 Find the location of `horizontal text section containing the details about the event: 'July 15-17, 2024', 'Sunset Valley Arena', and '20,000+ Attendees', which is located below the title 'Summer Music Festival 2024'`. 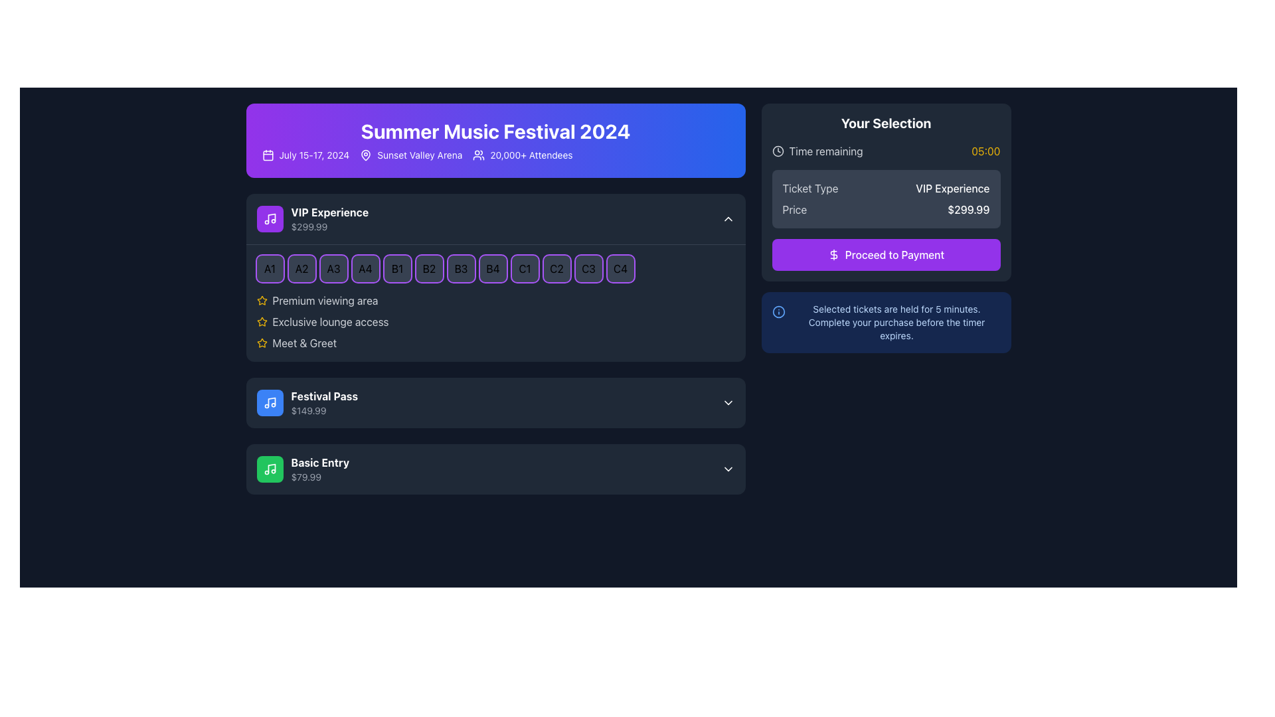

horizontal text section containing the details about the event: 'July 15-17, 2024', 'Sunset Valley Arena', and '20,000+ Attendees', which is located below the title 'Summer Music Festival 2024' is located at coordinates (495, 155).